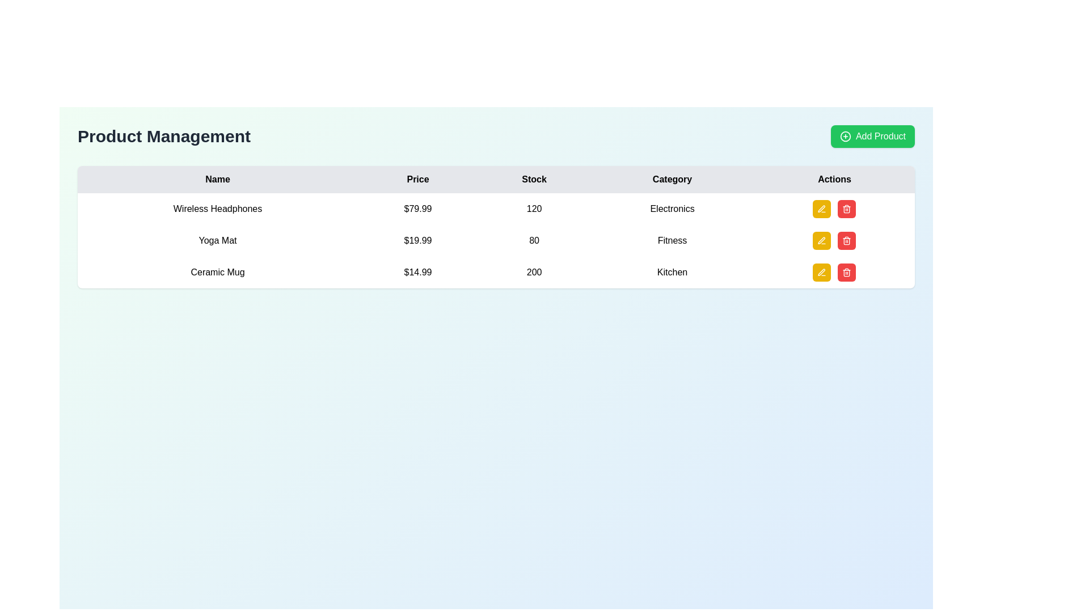  I want to click on the red button with a trash bin icon in the 'Actions' column for the 'Ceramic Mug' product entry, so click(847, 209).